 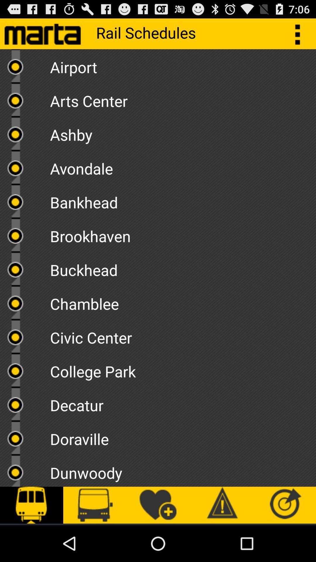 What do you see at coordinates (183, 166) in the screenshot?
I see `avondale` at bounding box center [183, 166].